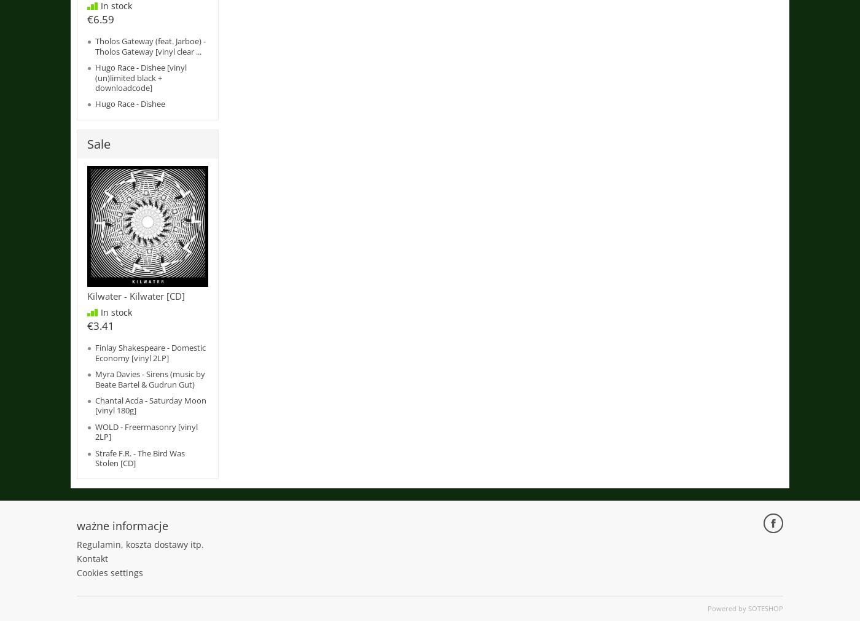 This screenshot has width=860, height=621. What do you see at coordinates (150, 45) in the screenshot?
I see `'Tholos Gateway (feat. Jarboe) - Tholos Gateway [vinyl clear ...'` at bounding box center [150, 45].